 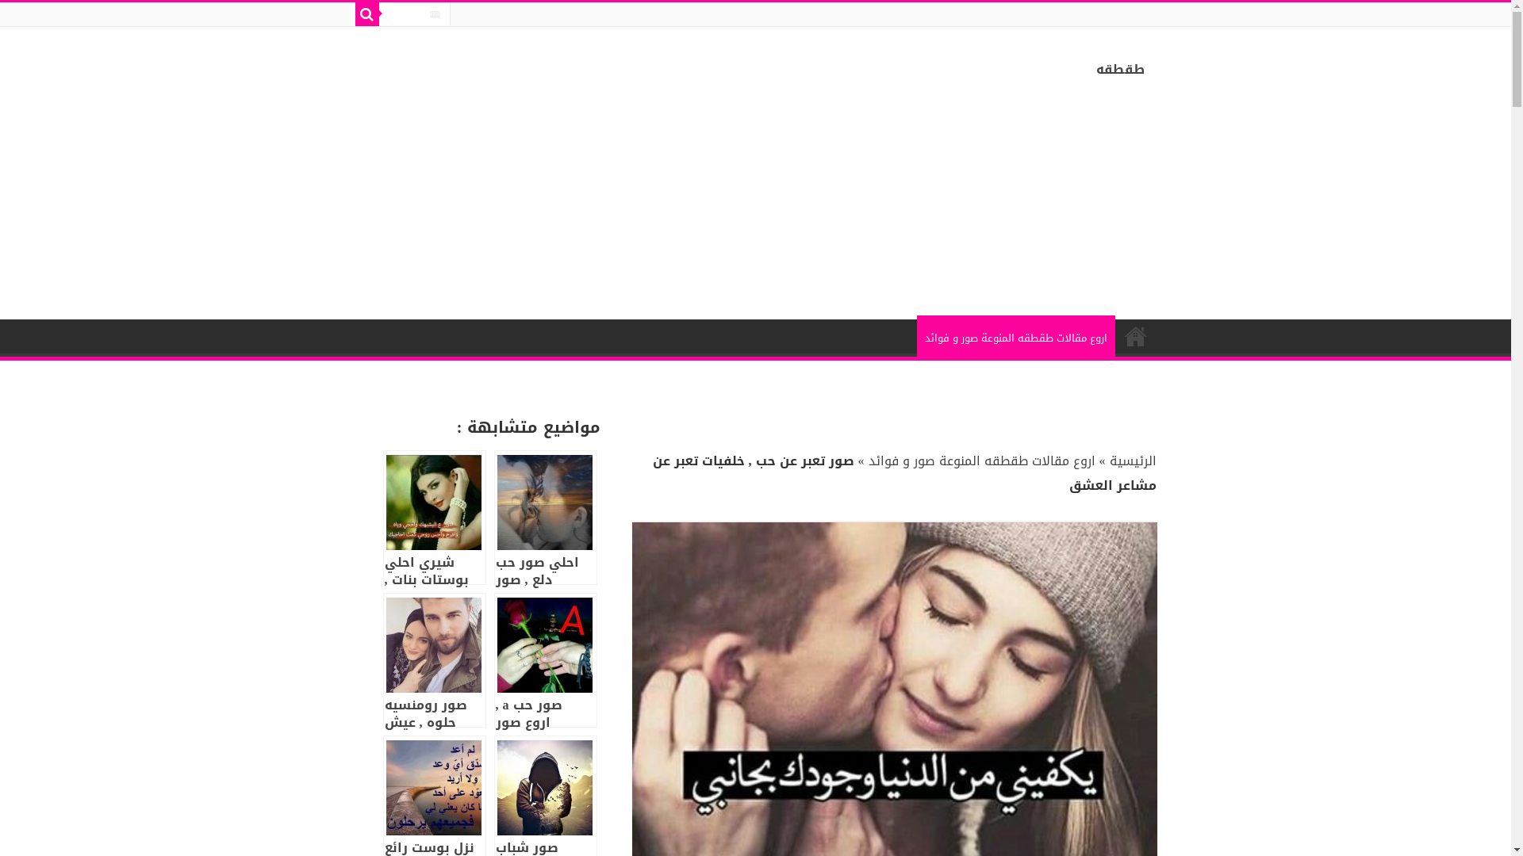 I want to click on 'Advertisement', so click(x=559, y=207).